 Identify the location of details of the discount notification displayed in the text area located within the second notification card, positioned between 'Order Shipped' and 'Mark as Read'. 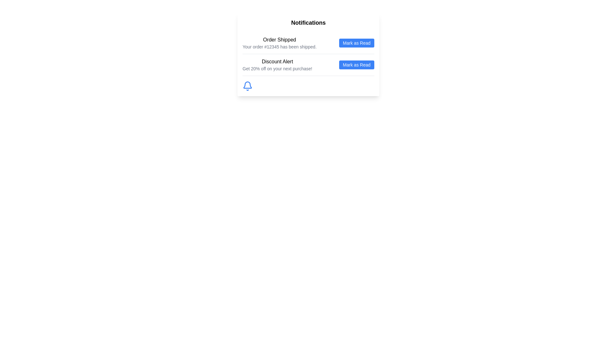
(277, 65).